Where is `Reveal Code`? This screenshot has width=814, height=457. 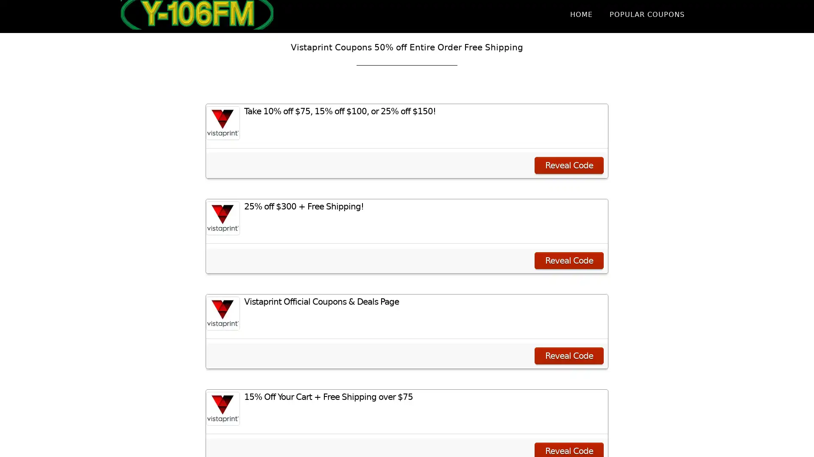 Reveal Code is located at coordinates (569, 355).